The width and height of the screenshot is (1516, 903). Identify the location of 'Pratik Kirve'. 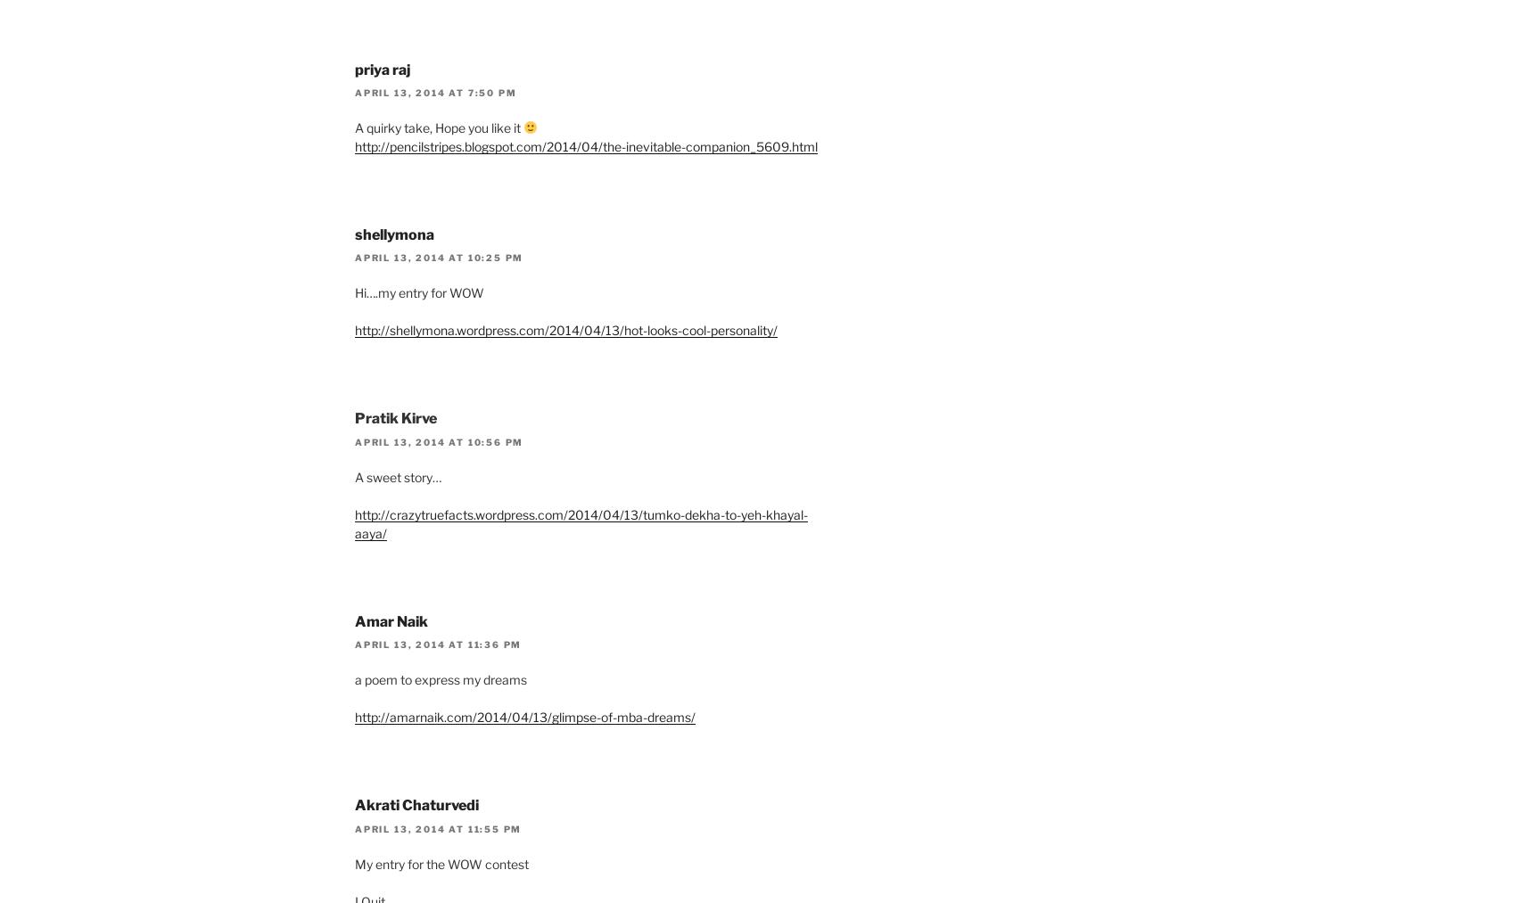
(353, 417).